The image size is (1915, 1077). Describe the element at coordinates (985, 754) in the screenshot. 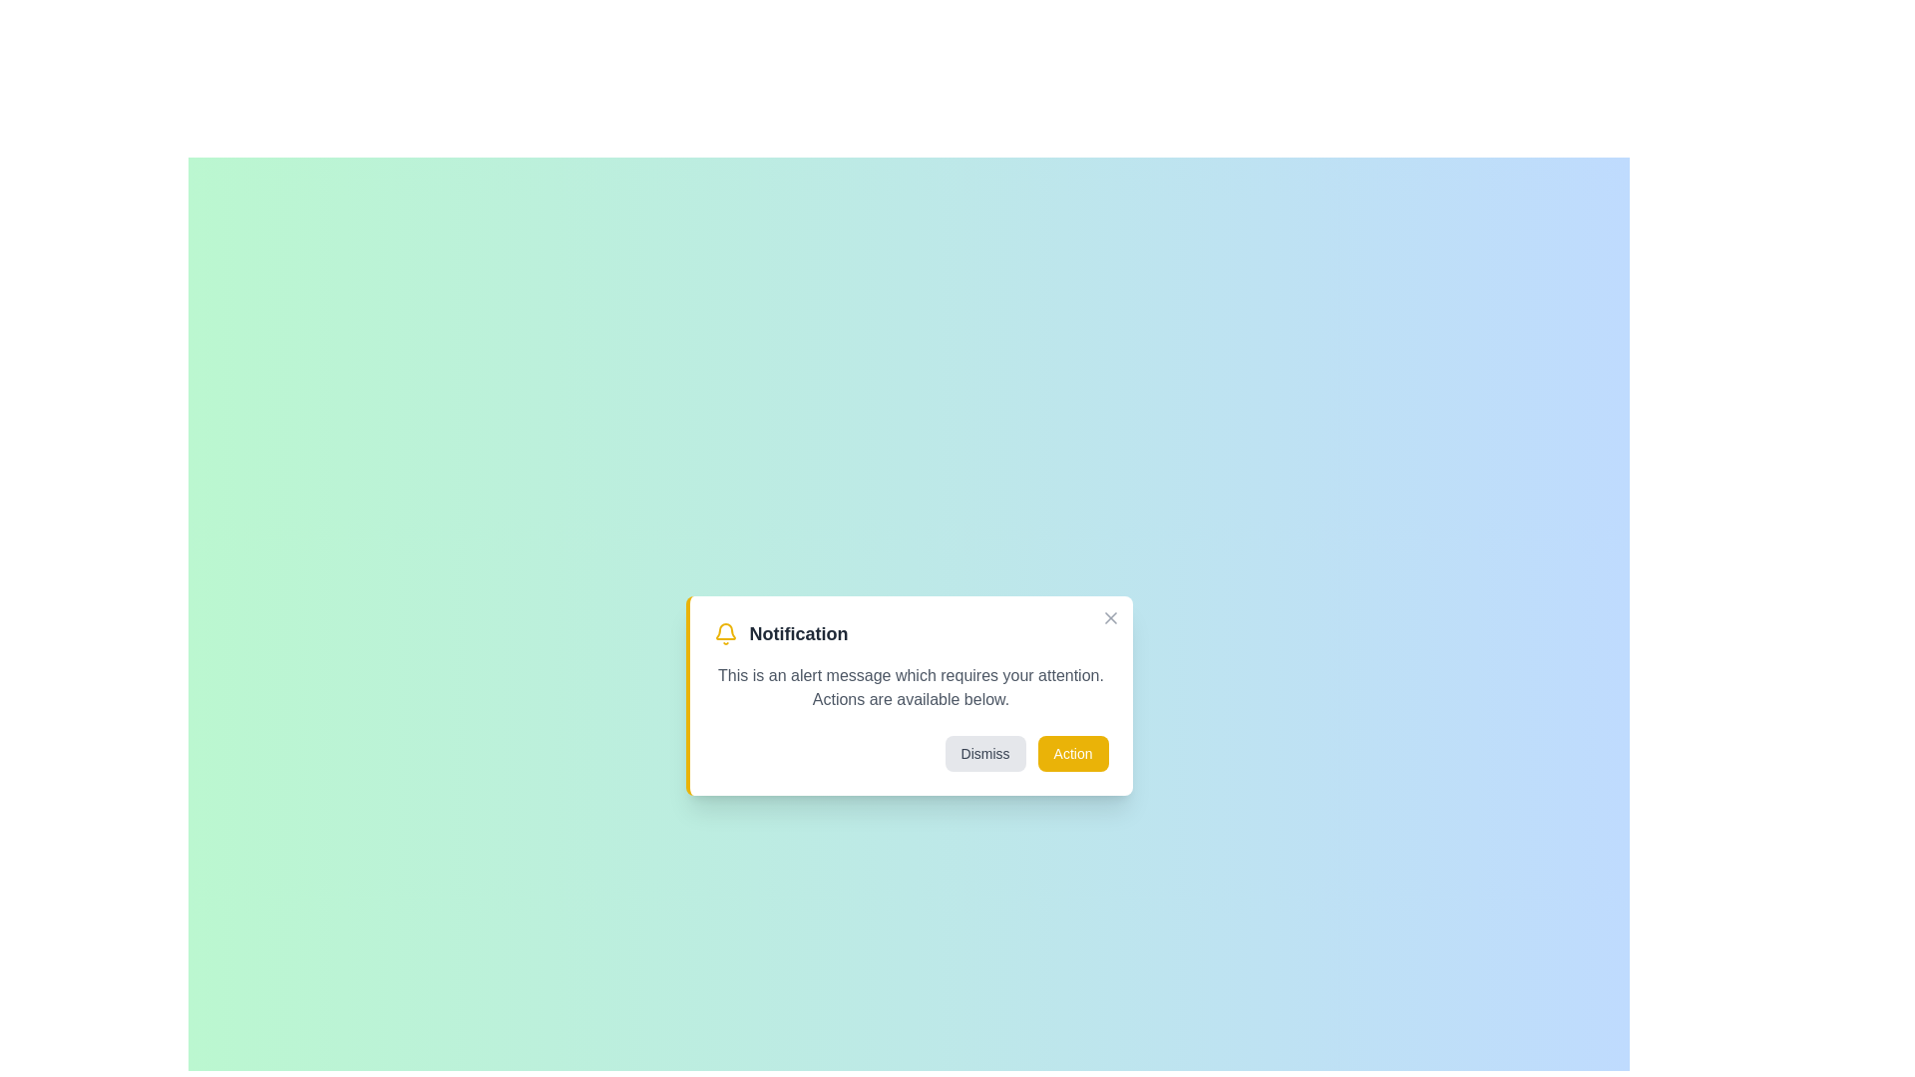

I see `the 'Dismiss' button to dismiss the alert` at that location.